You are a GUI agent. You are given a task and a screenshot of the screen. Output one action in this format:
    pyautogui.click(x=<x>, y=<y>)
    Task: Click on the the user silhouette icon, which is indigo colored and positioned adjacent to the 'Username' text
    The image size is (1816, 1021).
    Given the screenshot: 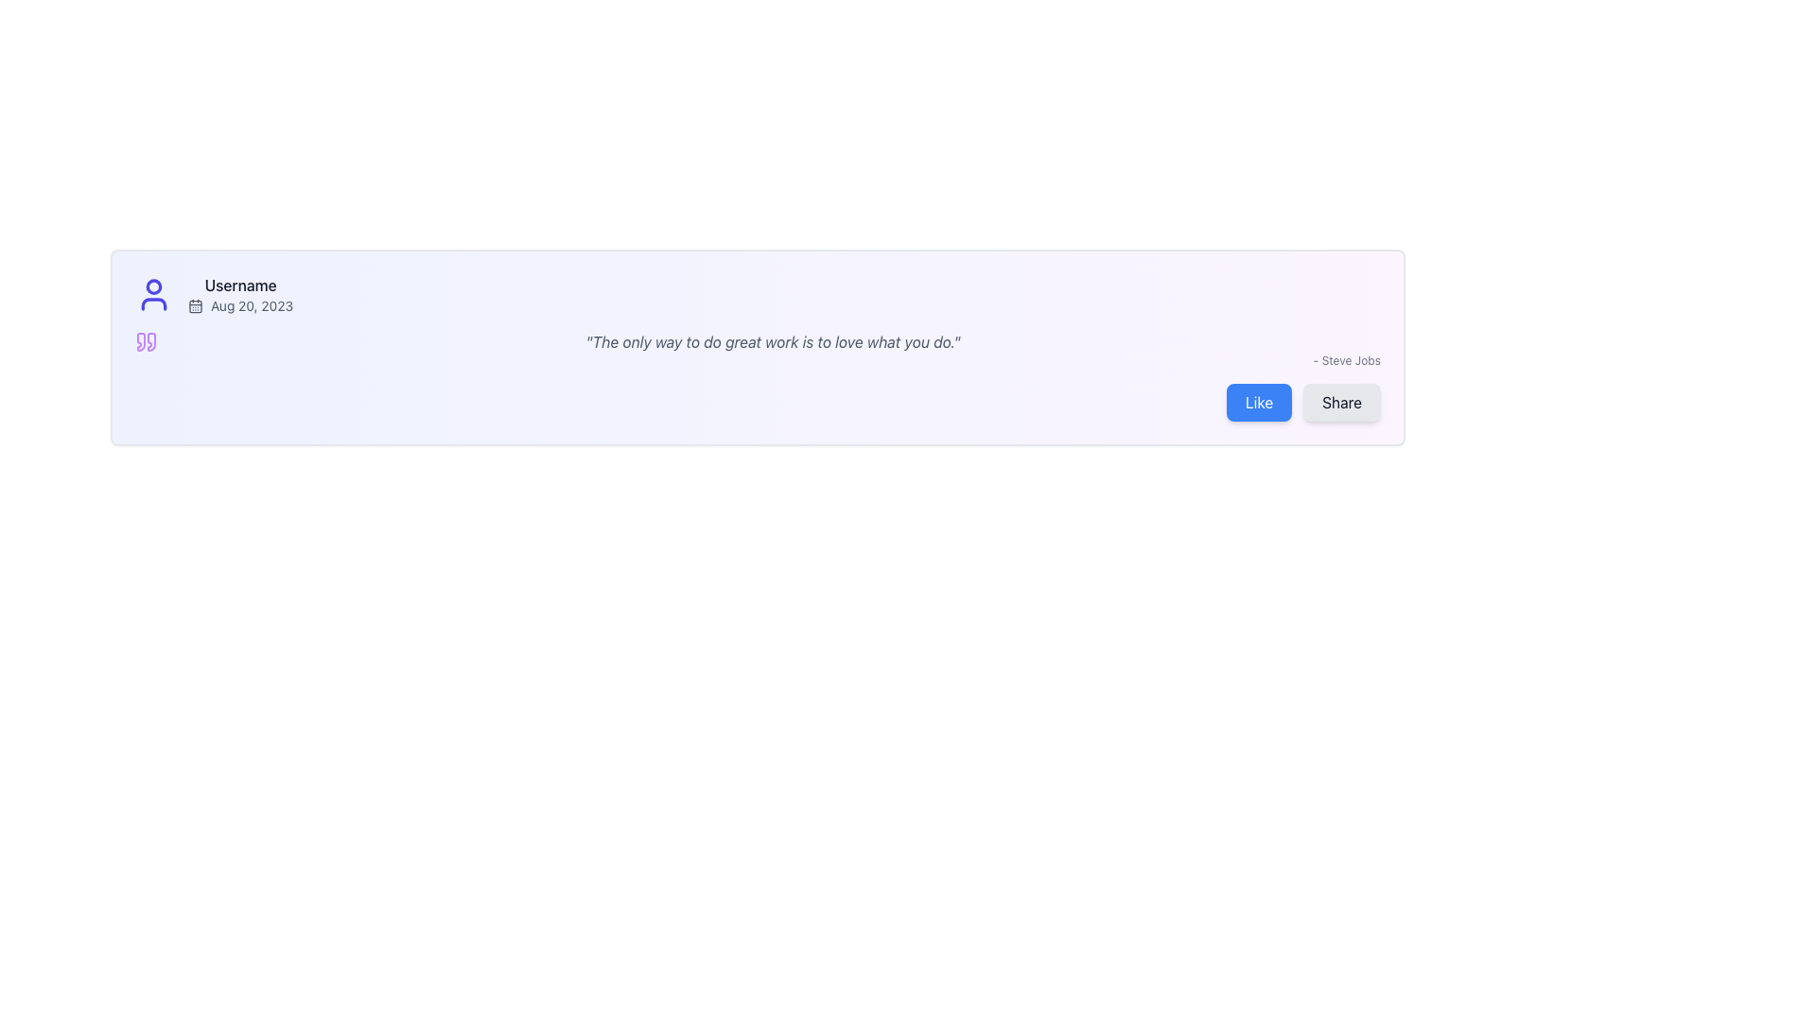 What is the action you would take?
    pyautogui.click(x=154, y=295)
    